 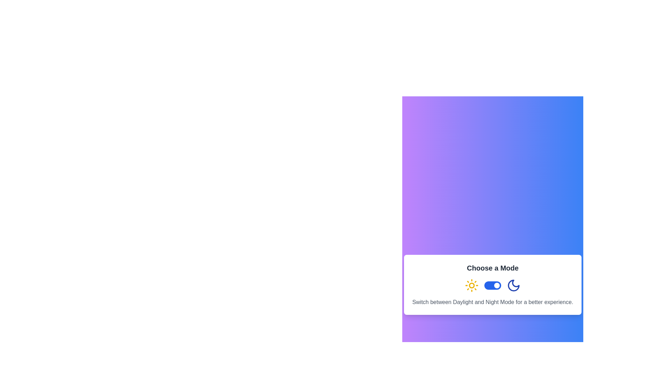 What do you see at coordinates (492, 285) in the screenshot?
I see `the toggle switch located in the second row of the 'Choose a Mode' box to switch modes from 'on' to 'off'` at bounding box center [492, 285].